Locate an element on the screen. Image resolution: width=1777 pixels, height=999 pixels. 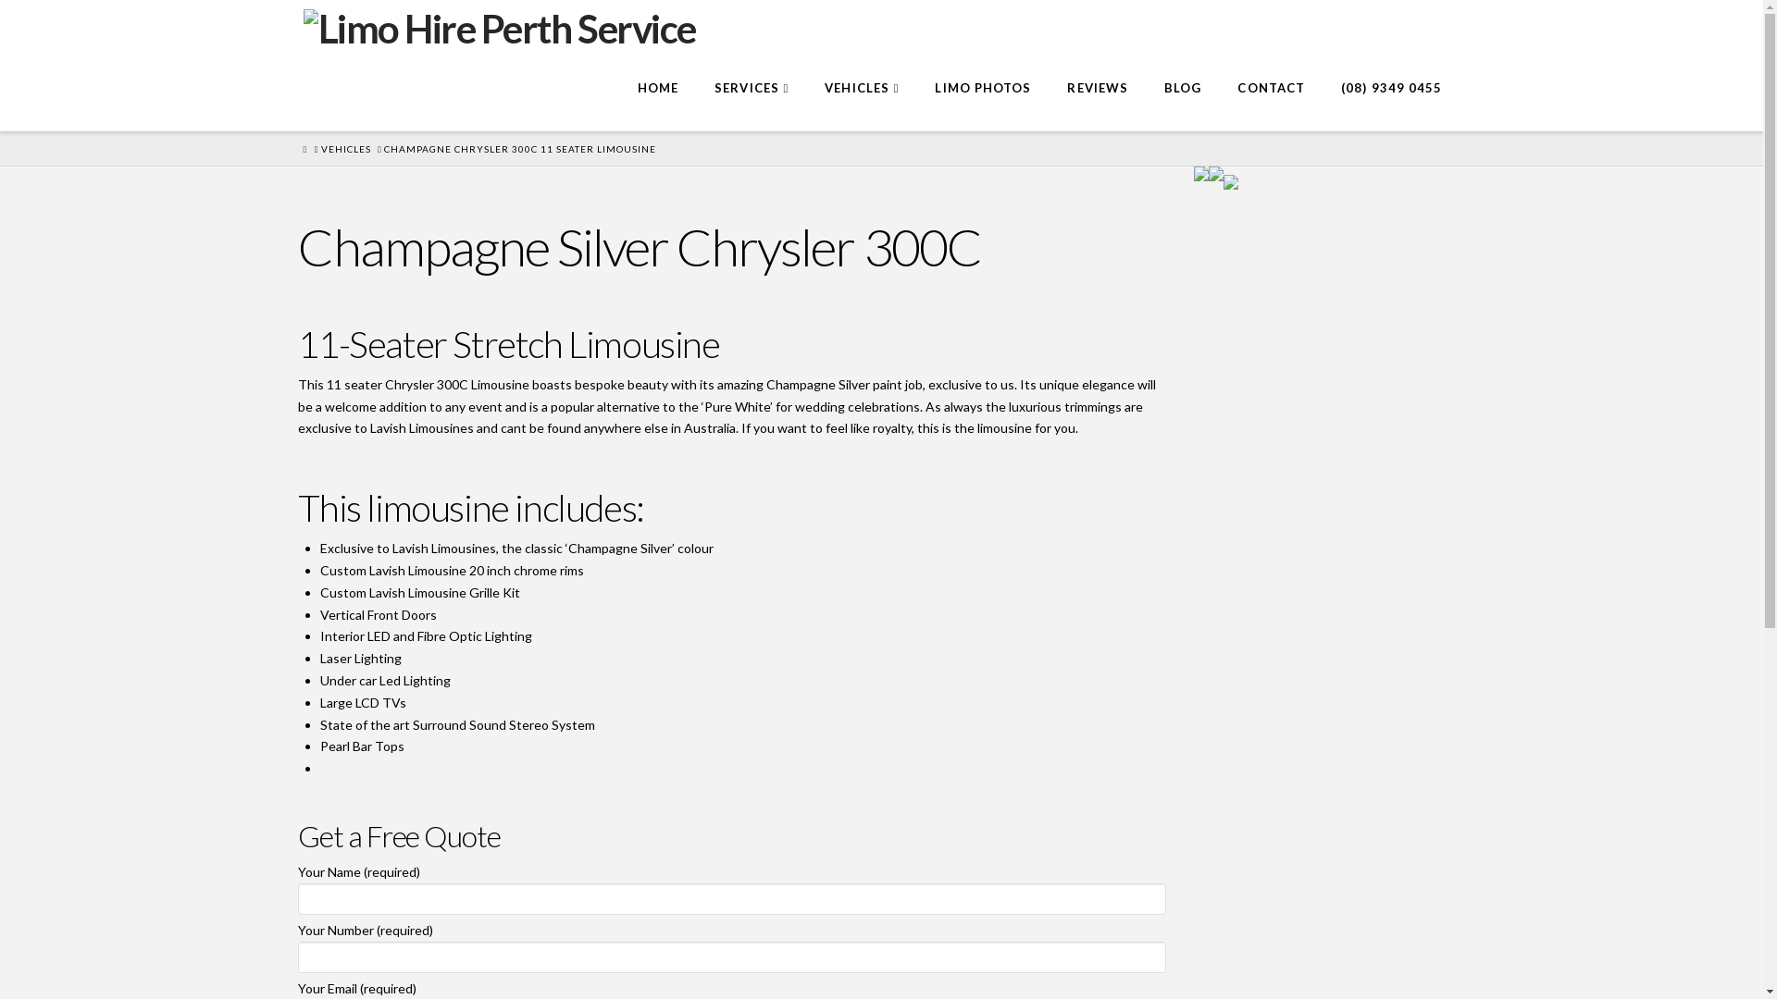
'VEHICLES' is located at coordinates (860, 89).